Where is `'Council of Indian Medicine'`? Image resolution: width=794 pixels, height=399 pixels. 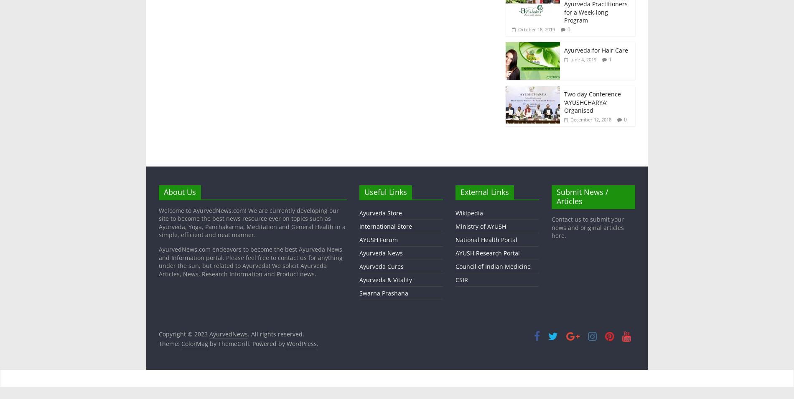 'Council of Indian Medicine' is located at coordinates (492, 266).